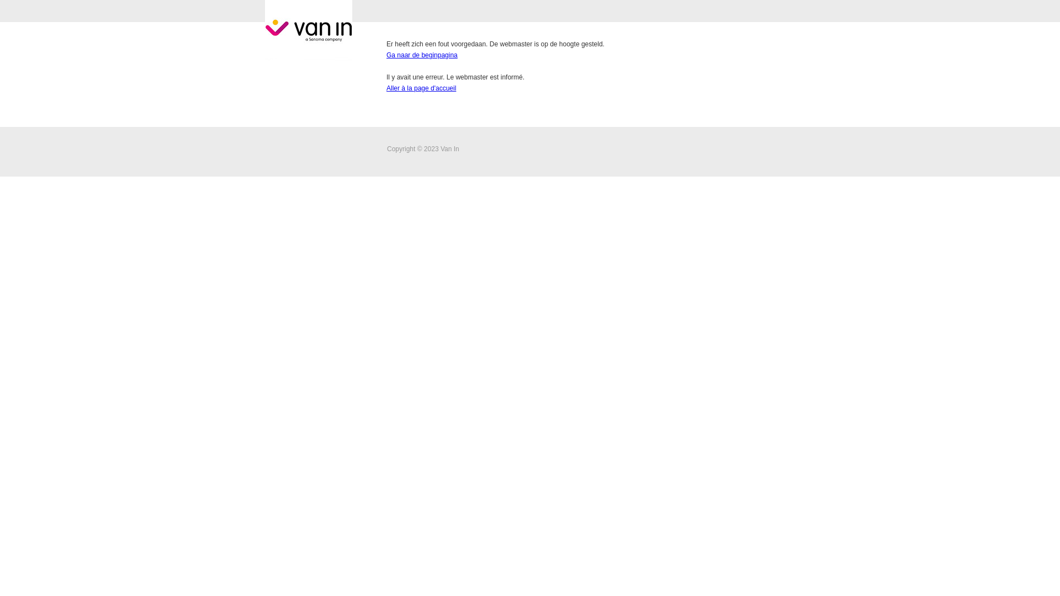 Image resolution: width=1060 pixels, height=596 pixels. I want to click on 'Ga naar de beginpagina', so click(421, 55).